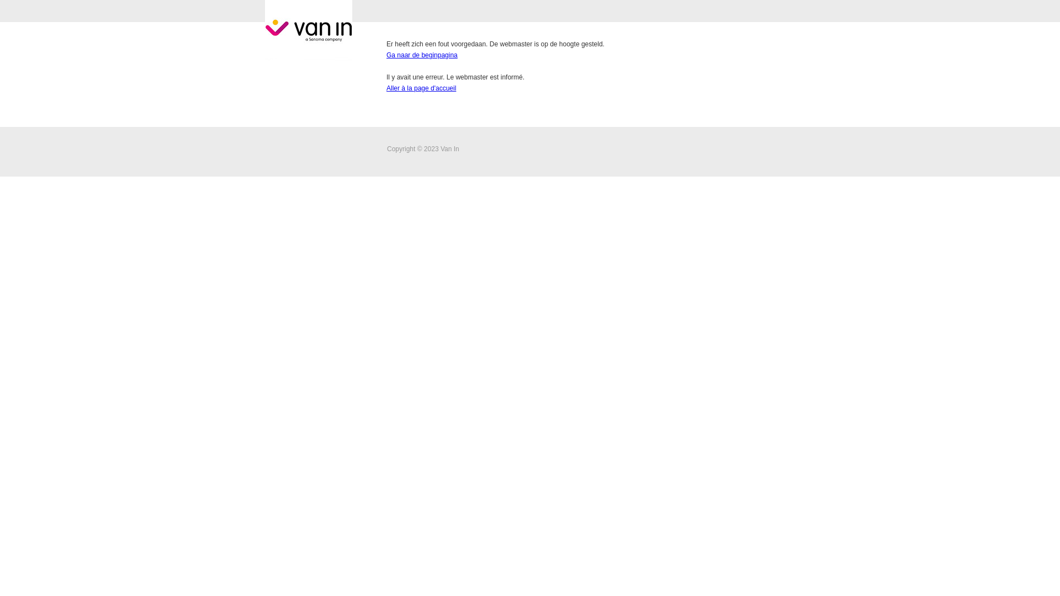 Image resolution: width=1060 pixels, height=596 pixels. I want to click on 'Ga naar de beginpagina', so click(421, 55).